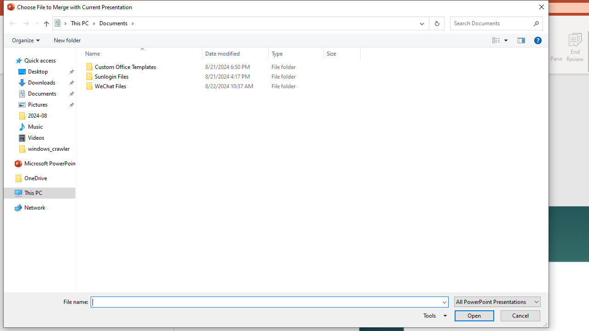 The width and height of the screenshot is (589, 331). Describe the element at coordinates (265, 302) in the screenshot. I see `'File name:'` at that location.